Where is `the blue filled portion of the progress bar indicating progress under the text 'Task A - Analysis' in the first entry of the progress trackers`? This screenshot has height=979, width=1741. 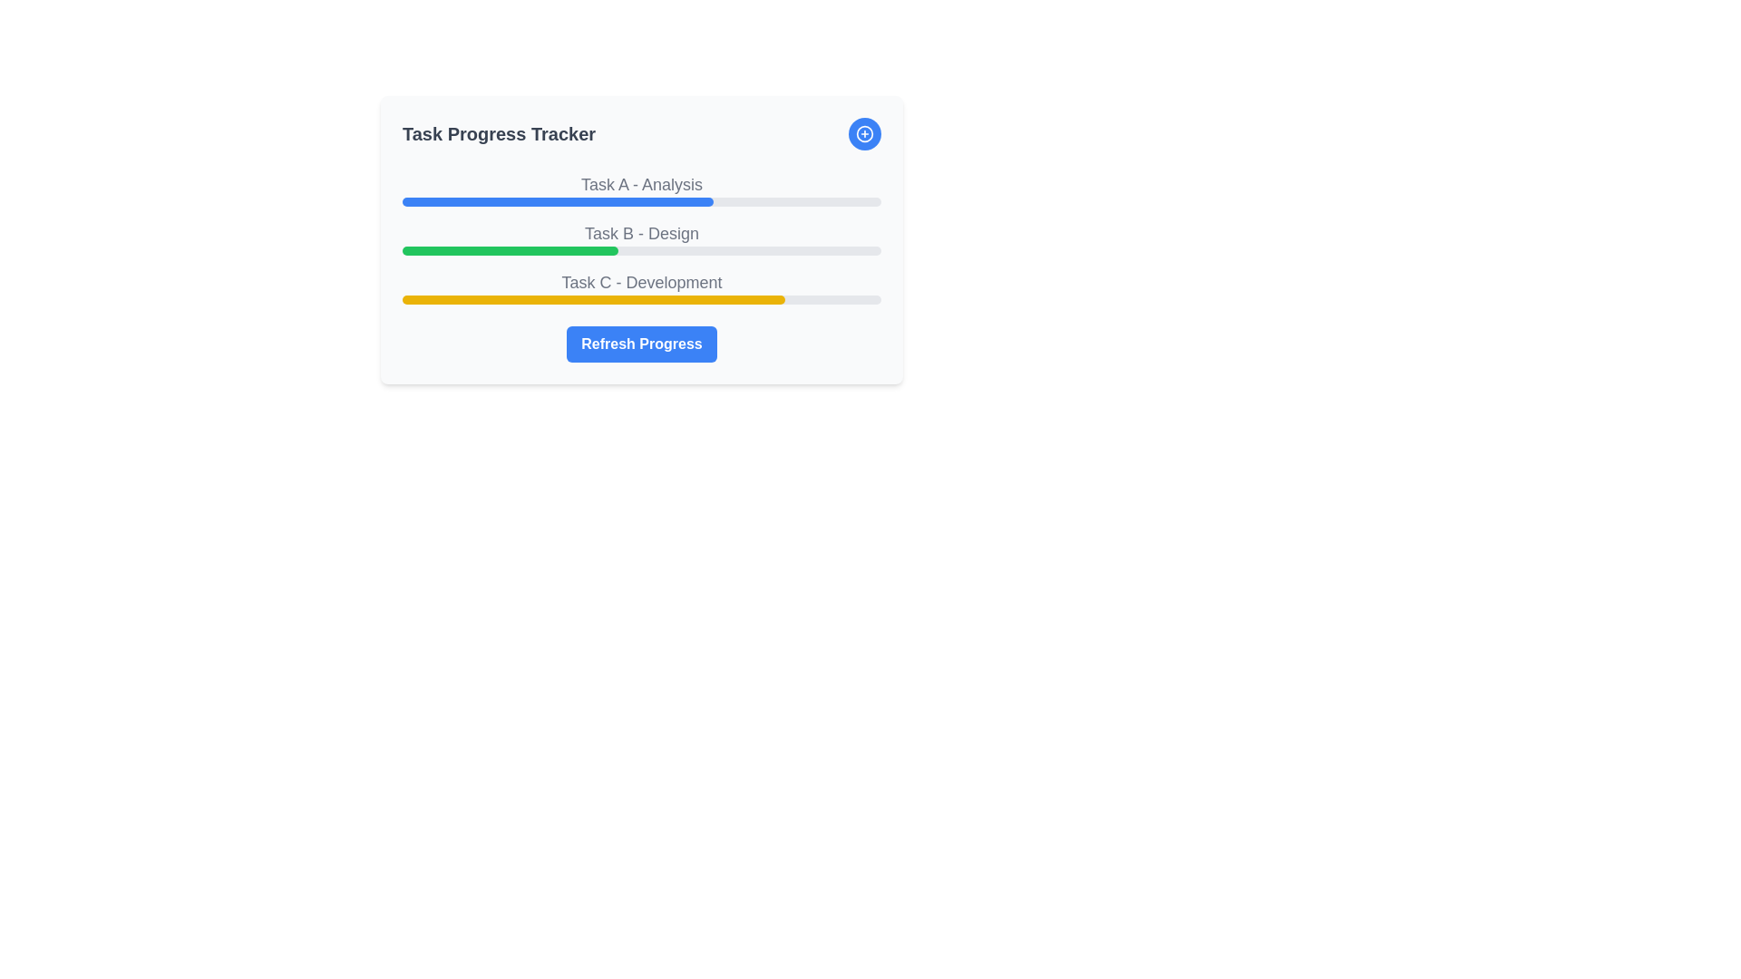
the blue filled portion of the progress bar indicating progress under the text 'Task A - Analysis' in the first entry of the progress trackers is located at coordinates (557, 202).